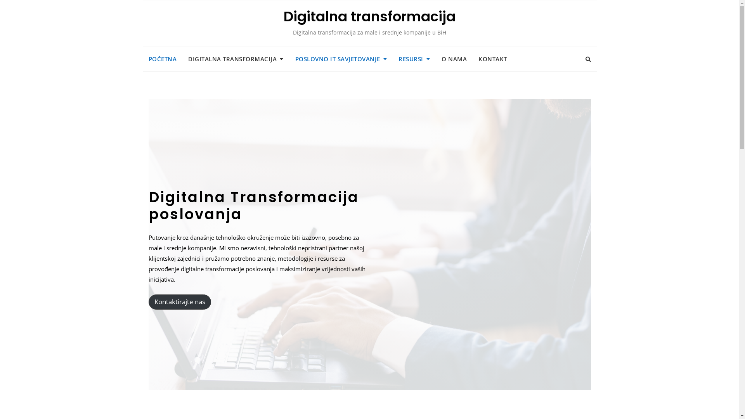 Image resolution: width=745 pixels, height=419 pixels. What do you see at coordinates (414, 59) in the screenshot?
I see `'RESURSI'` at bounding box center [414, 59].